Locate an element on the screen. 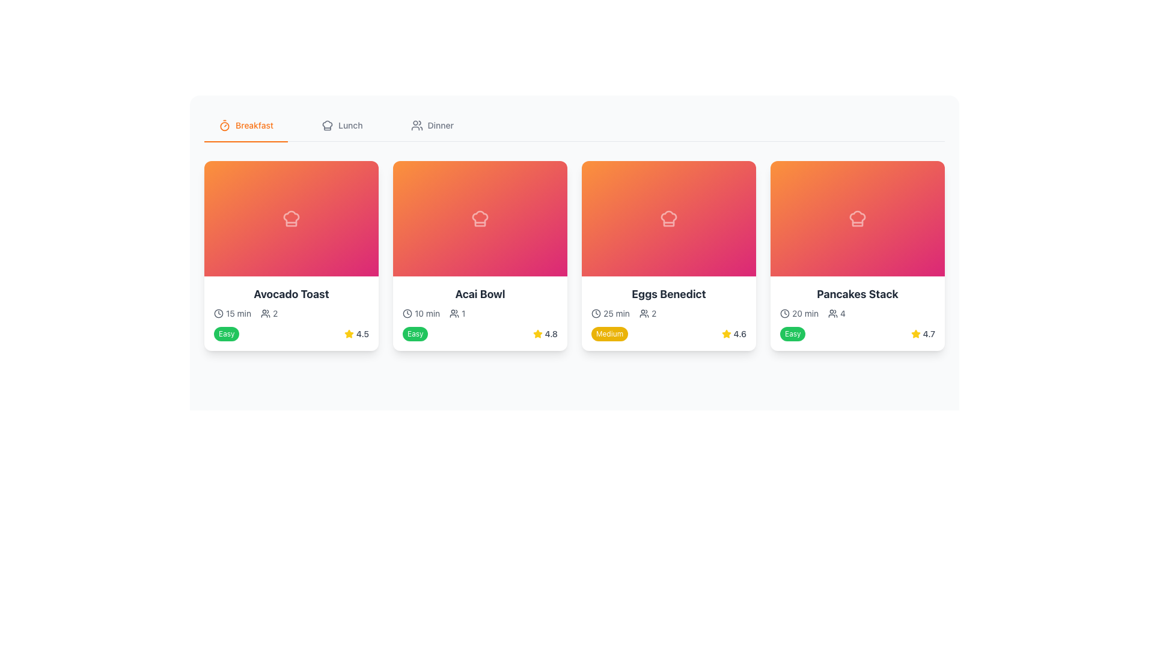 This screenshot has height=649, width=1154. the informational card content located in the second card of the horizontal grid, which provides details about the dish 'Acai Bowl' including preparation time, serving size, difficulty, and rating is located at coordinates (479, 312).